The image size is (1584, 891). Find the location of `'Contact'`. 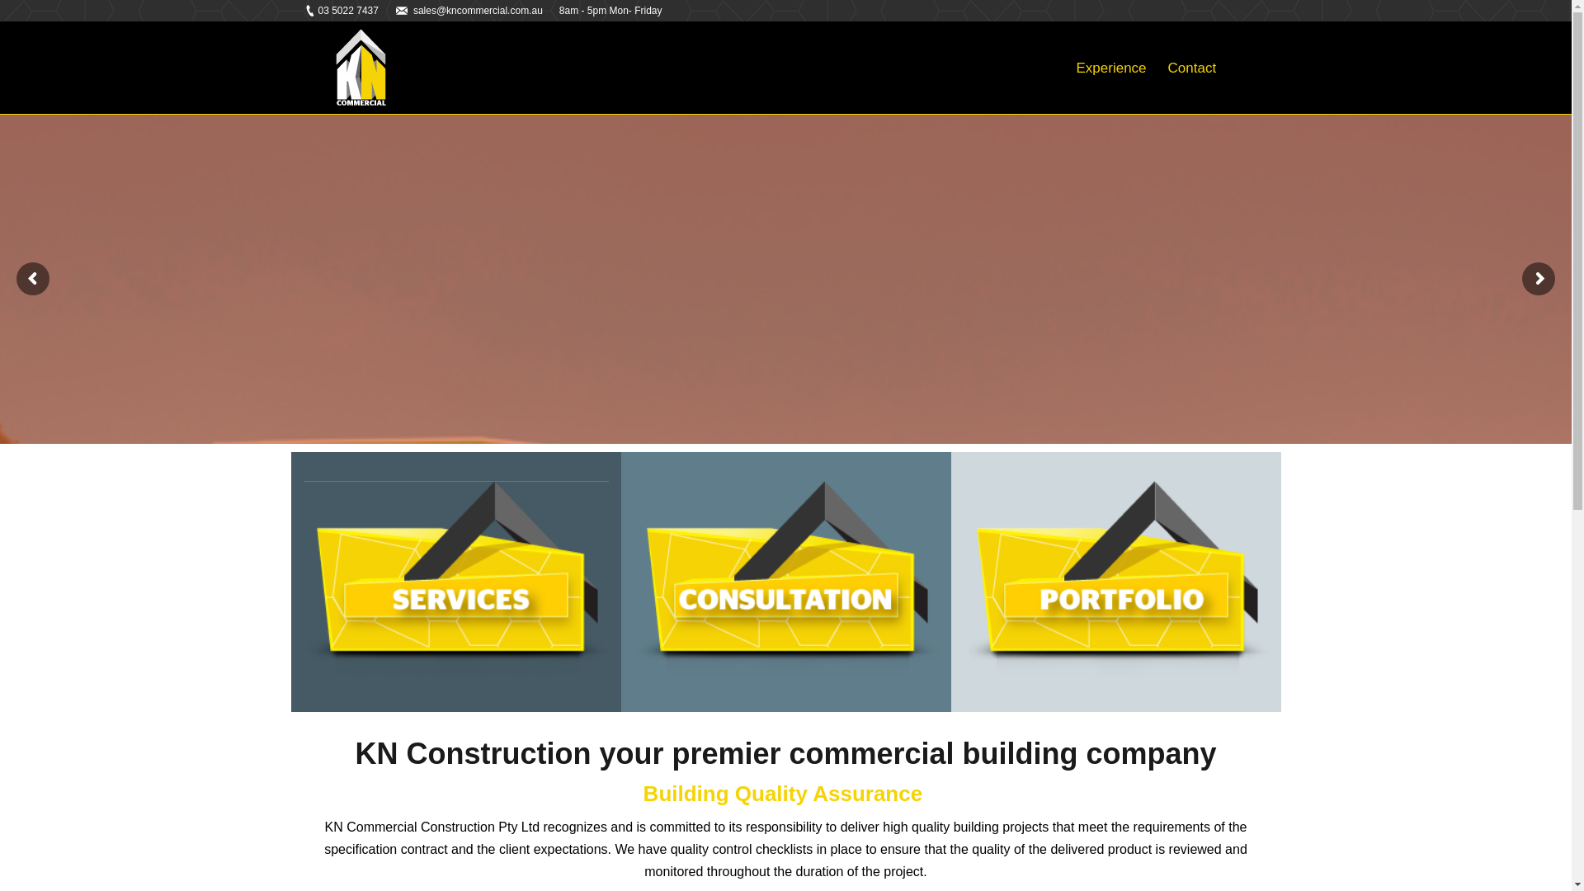

'Contact' is located at coordinates (1192, 67).